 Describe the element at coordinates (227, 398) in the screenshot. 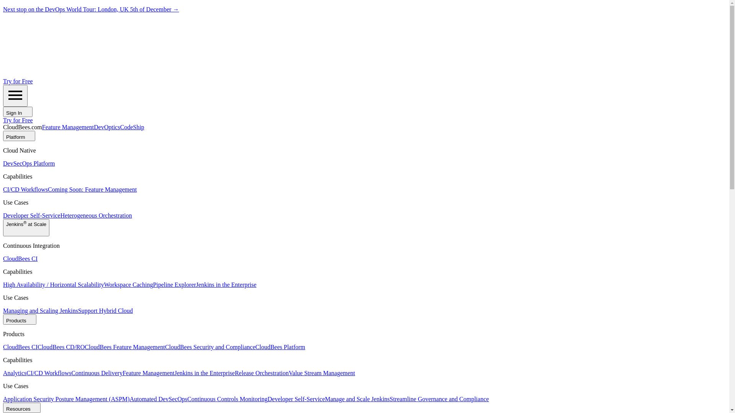

I see `'Continuous Controls Monitoring'` at that location.